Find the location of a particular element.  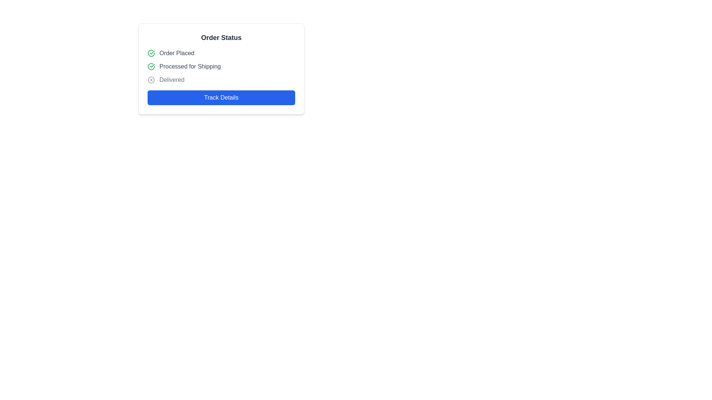

the Status indicator that shows the order has been processed for shipment, located below the 'Order Placed' element and above the 'Delivered' element in the 'Order Status' section is located at coordinates (221, 67).